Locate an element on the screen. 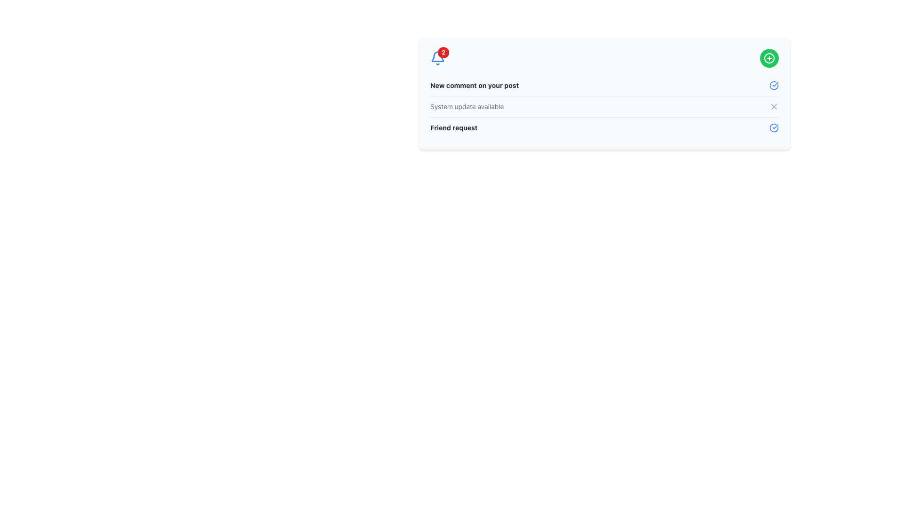 The height and width of the screenshot is (508, 903). the close or dismiss icon located in the middle right of the list item, designed as a 24x24 pixels SVG icon is located at coordinates (774, 106).